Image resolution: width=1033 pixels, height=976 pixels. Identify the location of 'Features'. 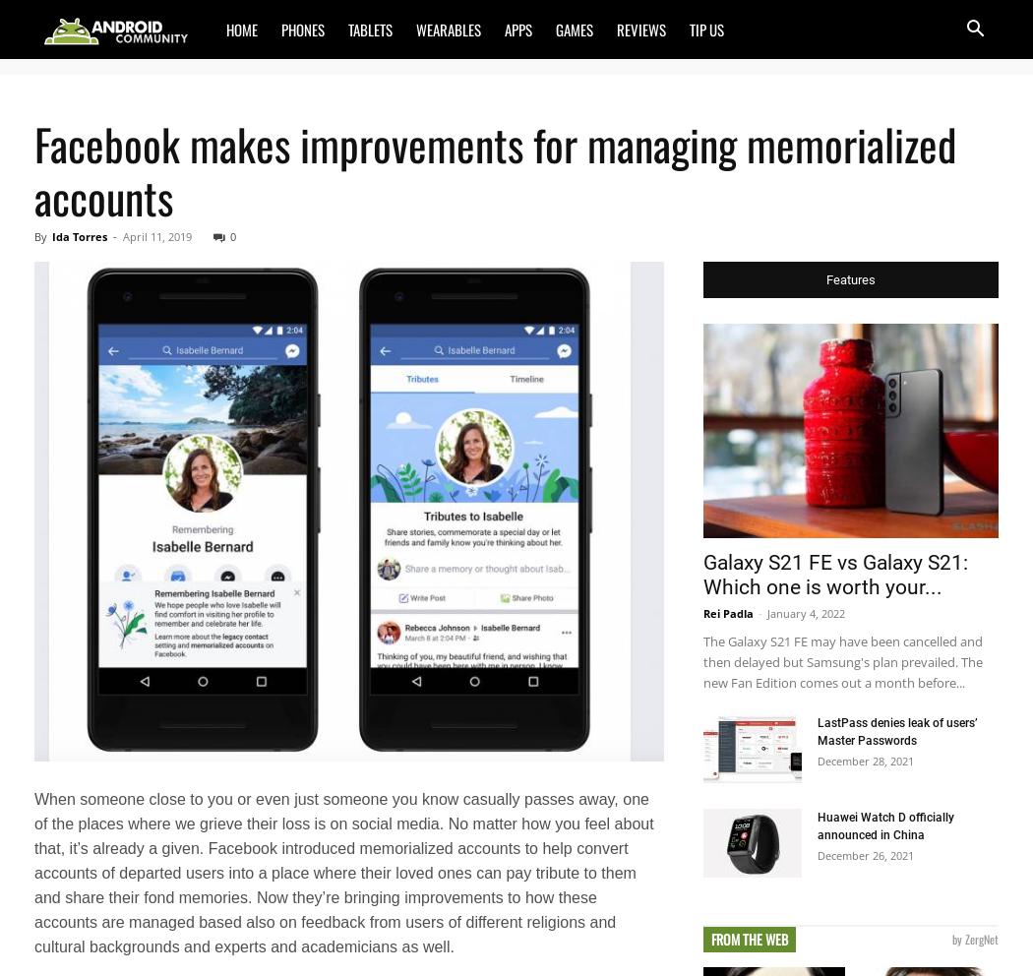
(826, 278).